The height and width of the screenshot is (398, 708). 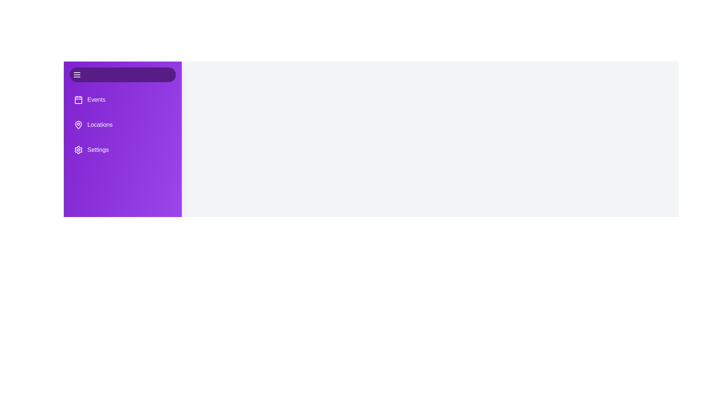 I want to click on the menu item labeled Settings to select it, so click(x=122, y=150).